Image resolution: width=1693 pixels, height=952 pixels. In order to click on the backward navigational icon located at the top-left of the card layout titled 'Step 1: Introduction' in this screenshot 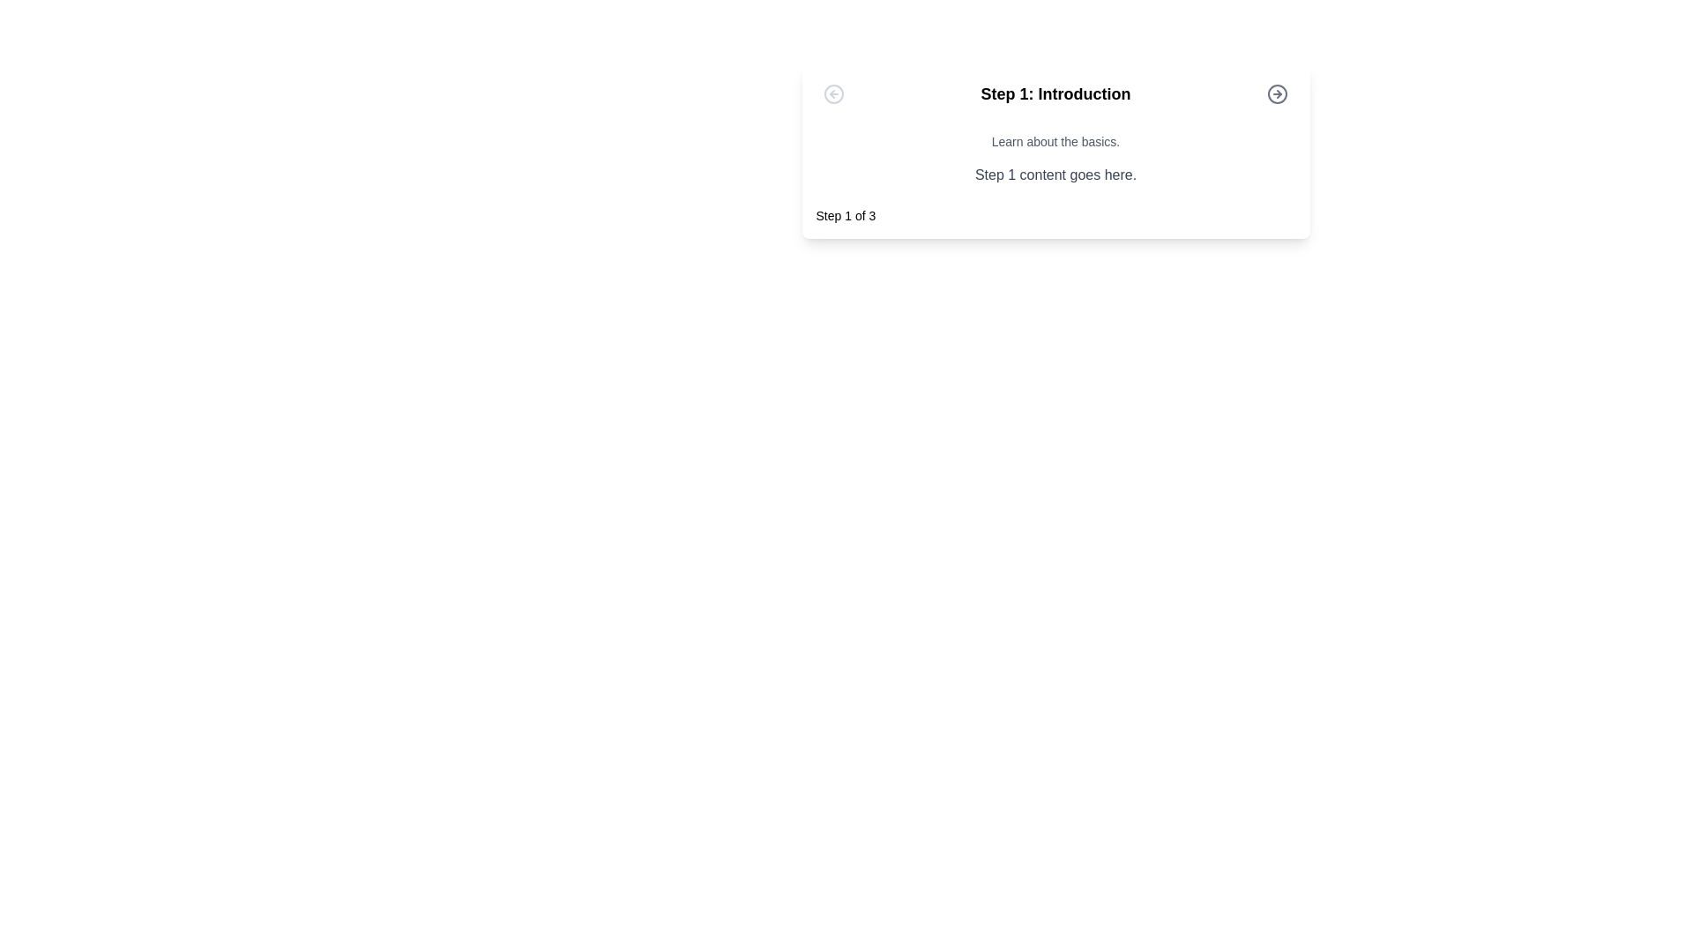, I will do `click(832, 94)`.